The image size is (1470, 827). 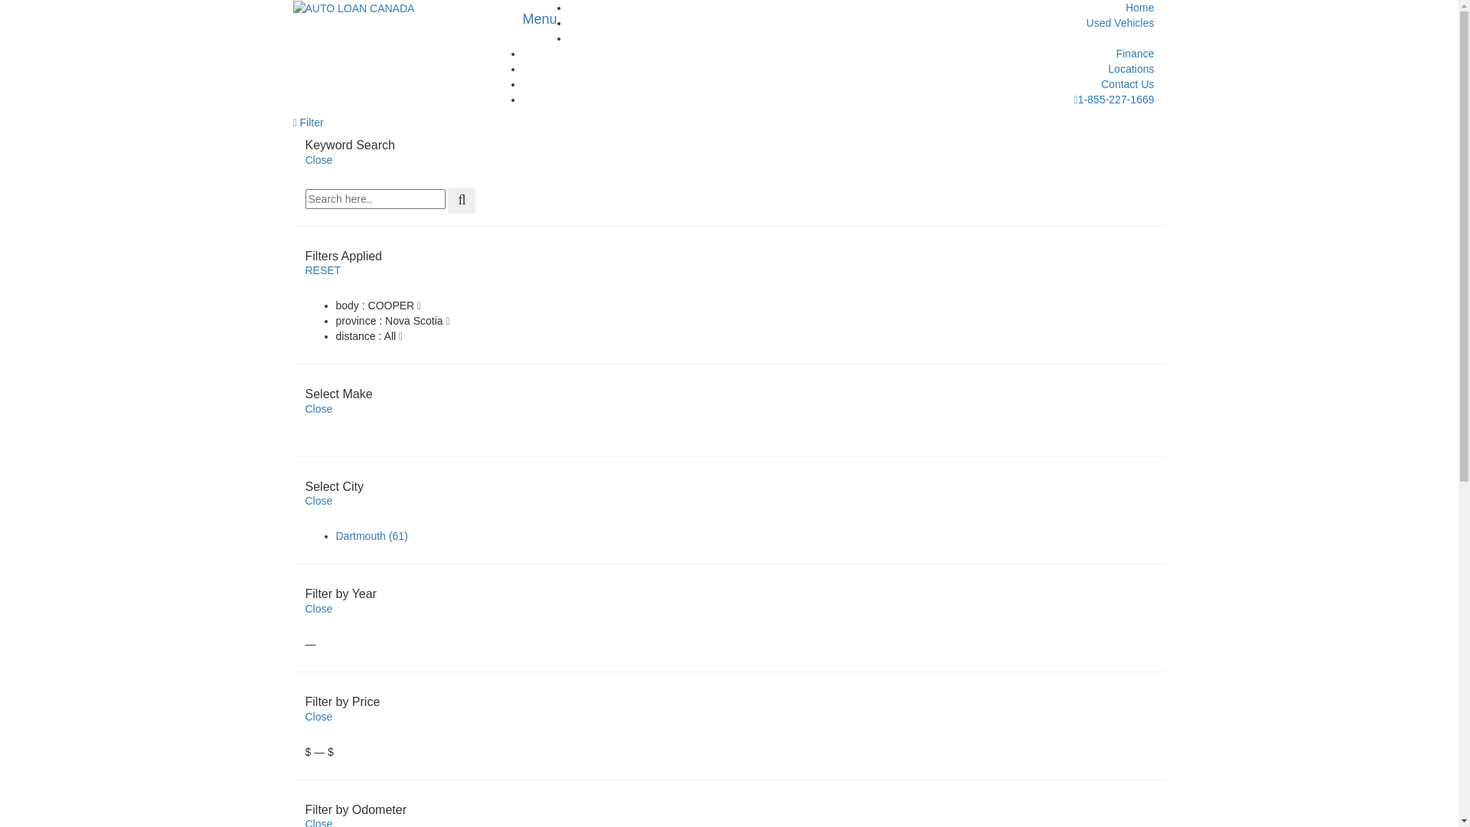 I want to click on 'Contact Us', so click(x=1127, y=84).